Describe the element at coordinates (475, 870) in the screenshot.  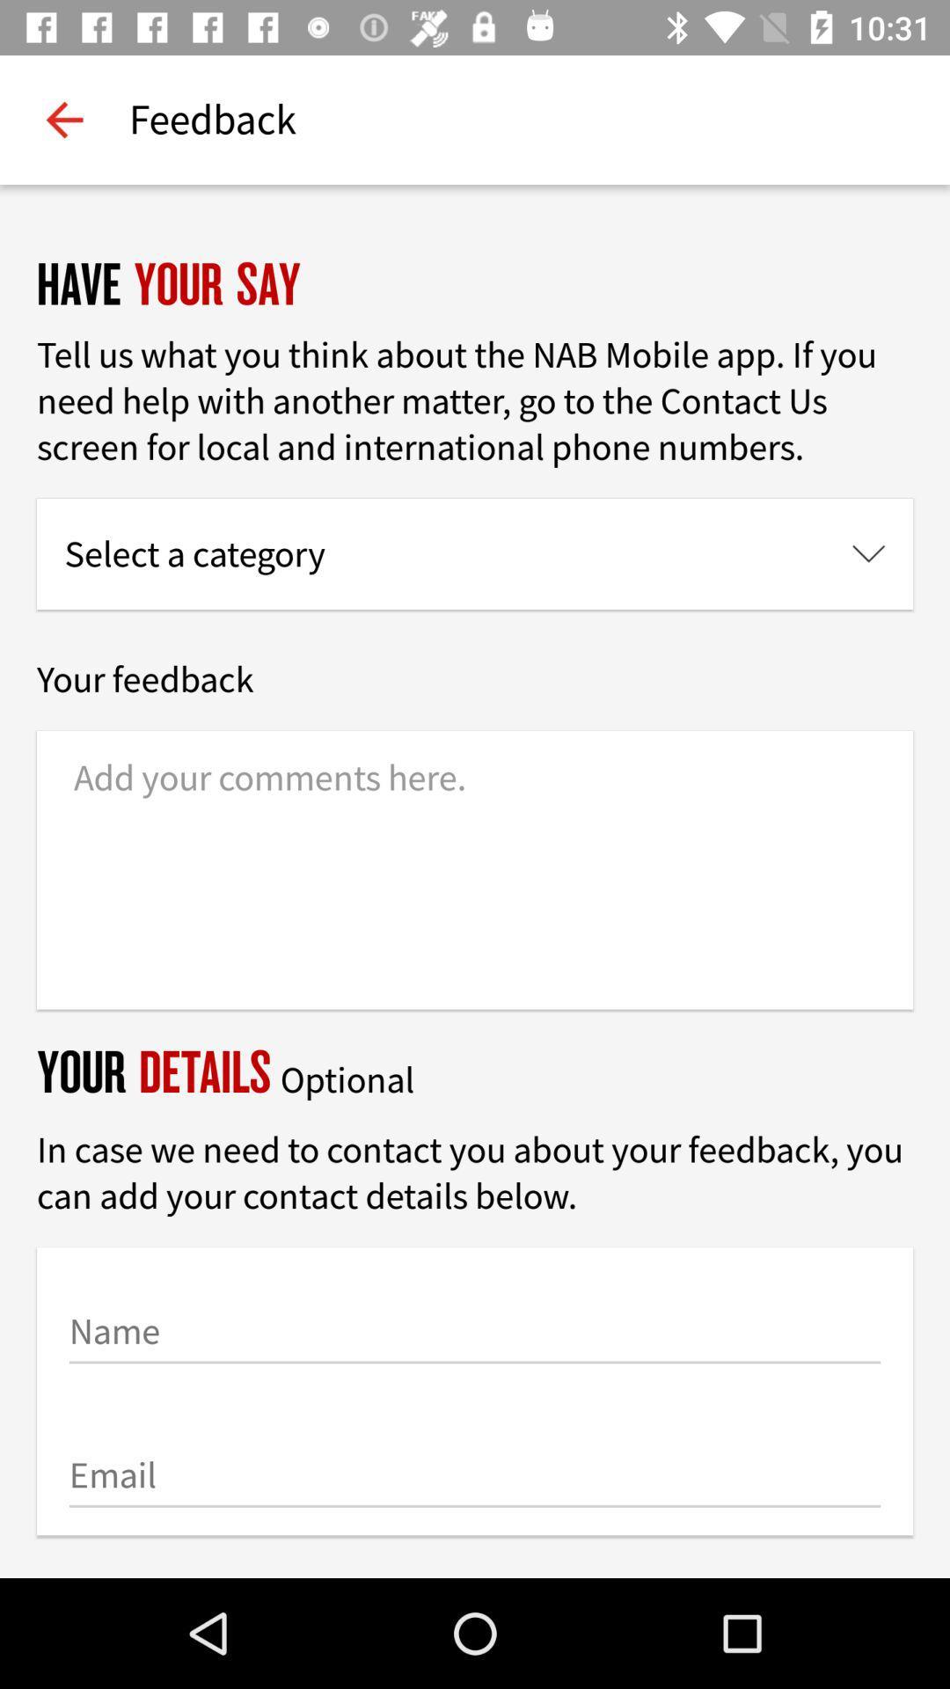
I see `your feedback here` at that location.